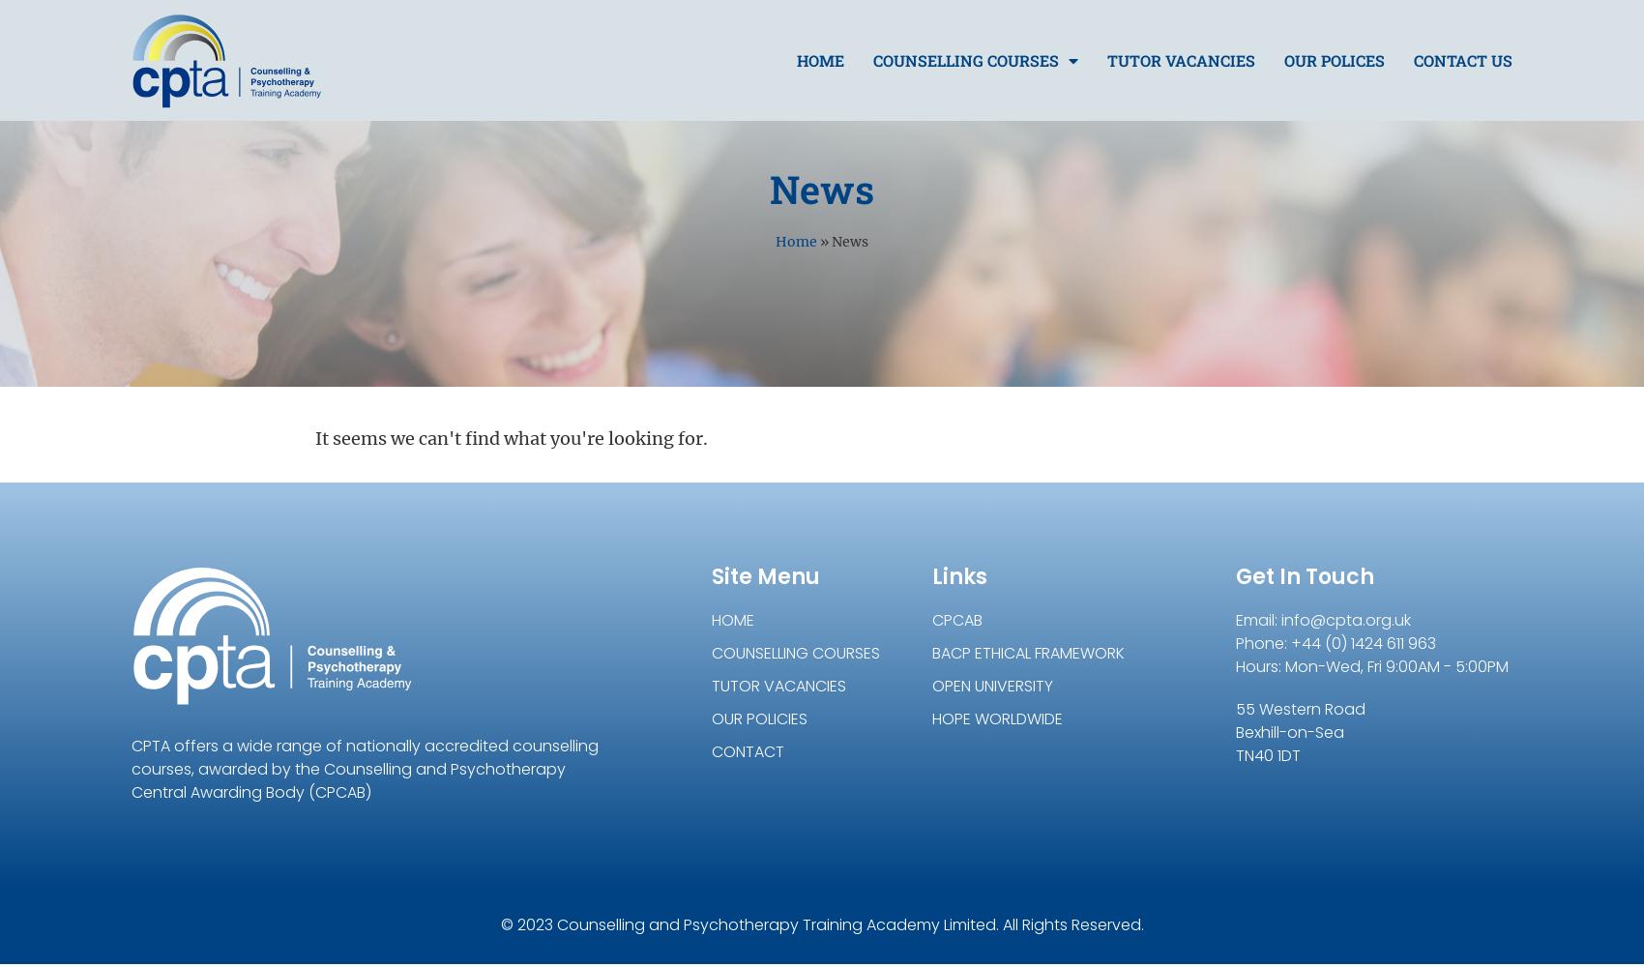 The width and height of the screenshot is (1644, 967). Describe the element at coordinates (1301, 708) in the screenshot. I see `'55 Western Road'` at that location.